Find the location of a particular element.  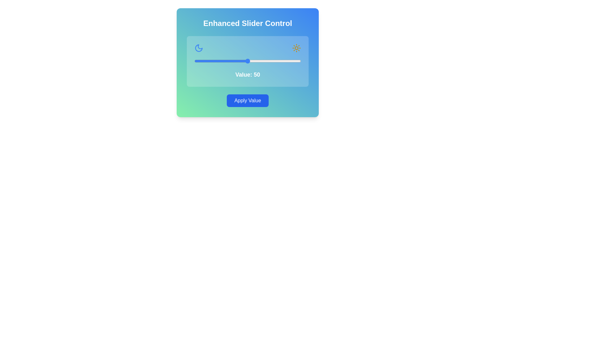

the slider is located at coordinates (256, 61).